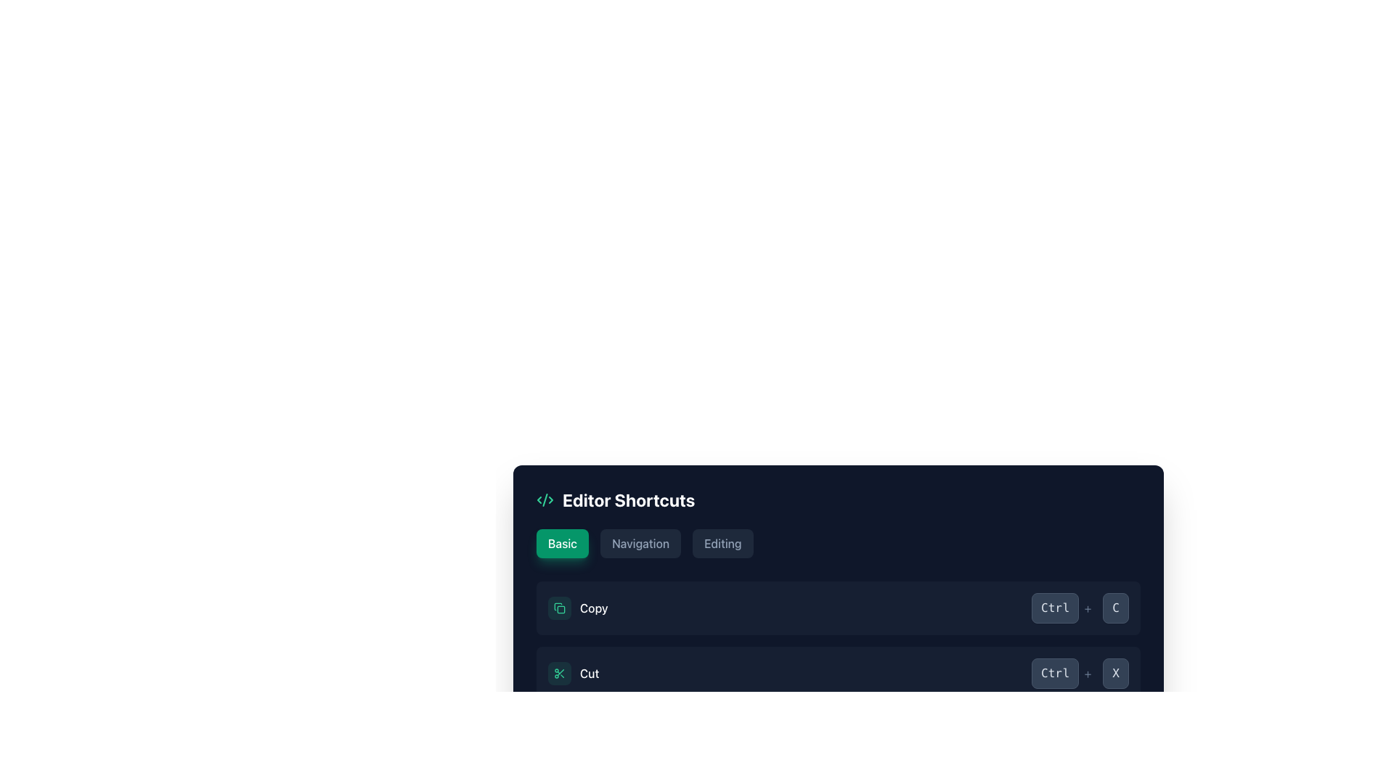 This screenshot has height=784, width=1394. I want to click on the keyboard shortcut display for 'Cut' which shows 'Ctrl + X', so click(1080, 674).